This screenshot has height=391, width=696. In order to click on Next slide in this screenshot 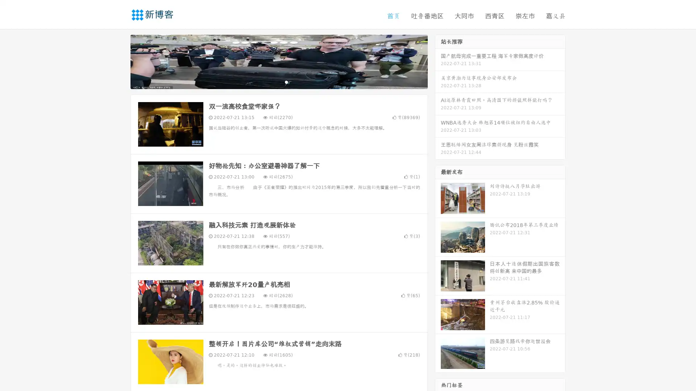, I will do `click(438, 61)`.